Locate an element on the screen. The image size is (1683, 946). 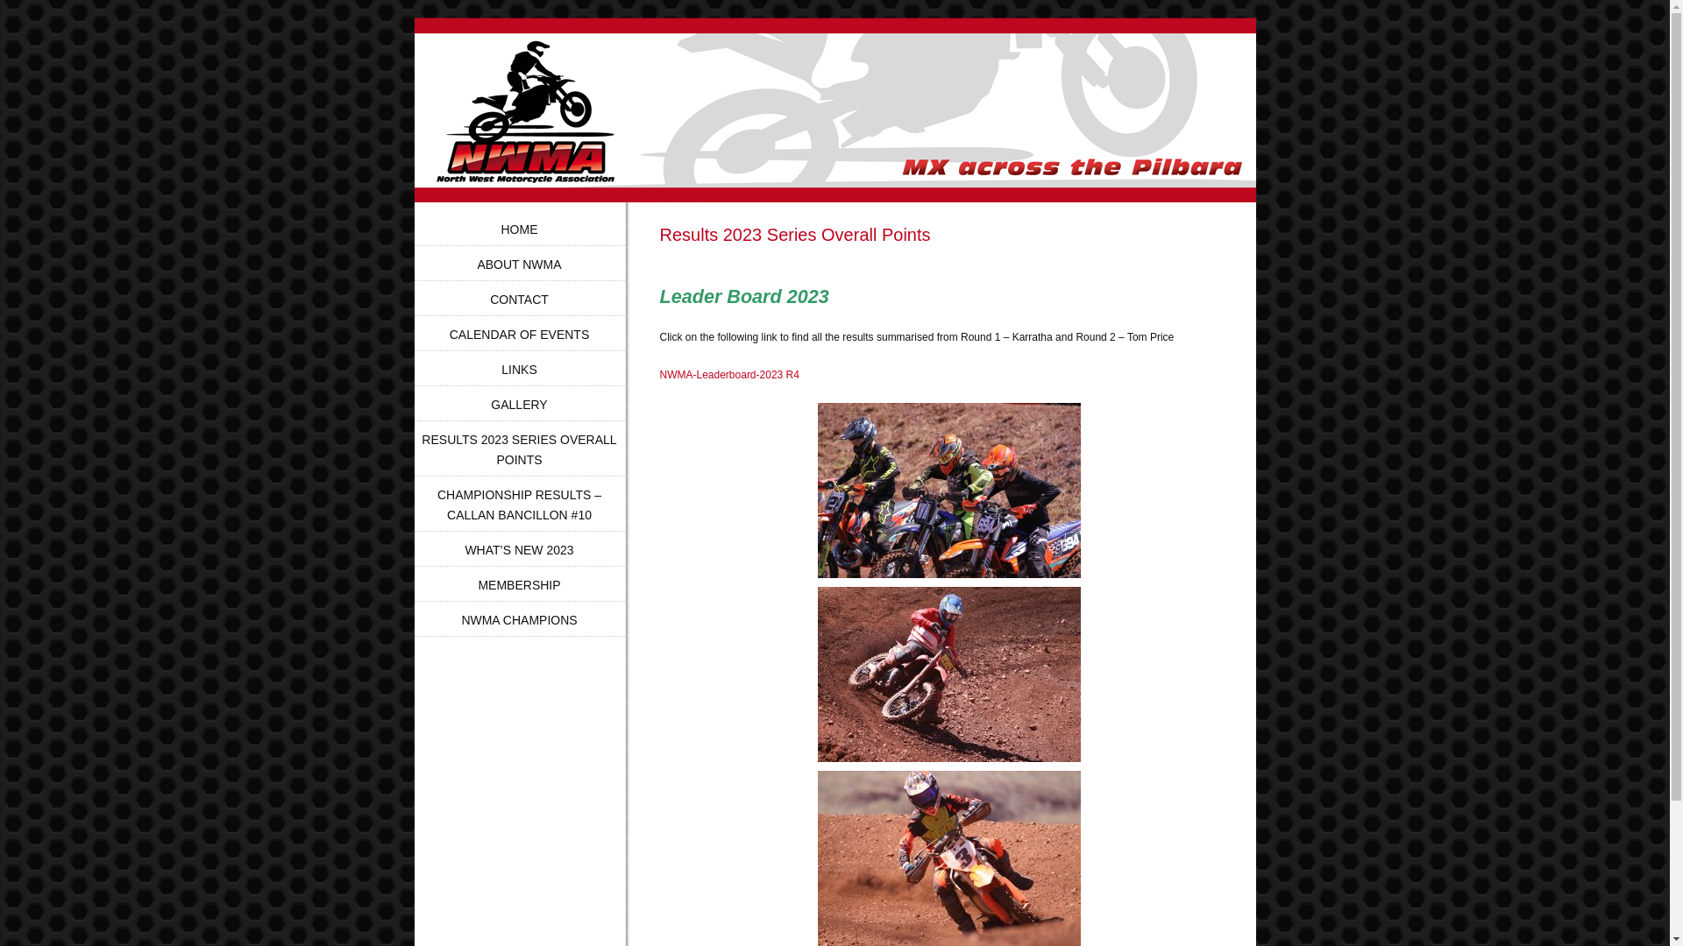
'GALLERY' is located at coordinates (517, 405).